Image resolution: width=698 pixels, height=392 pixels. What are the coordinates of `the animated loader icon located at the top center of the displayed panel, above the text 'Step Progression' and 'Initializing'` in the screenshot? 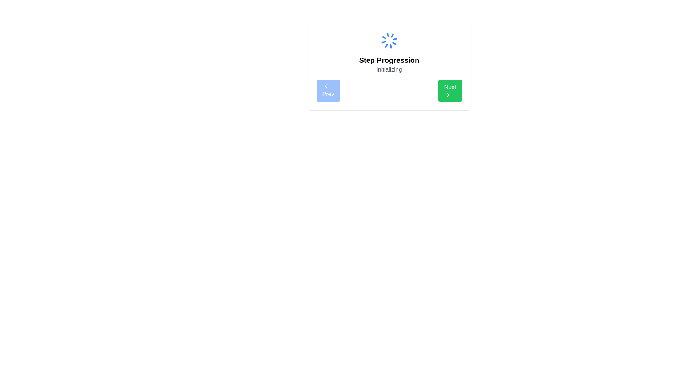 It's located at (389, 40).